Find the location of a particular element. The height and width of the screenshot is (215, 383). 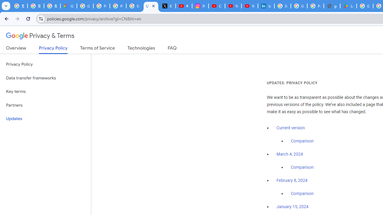

'Privacy & Terms' is located at coordinates (40, 36).